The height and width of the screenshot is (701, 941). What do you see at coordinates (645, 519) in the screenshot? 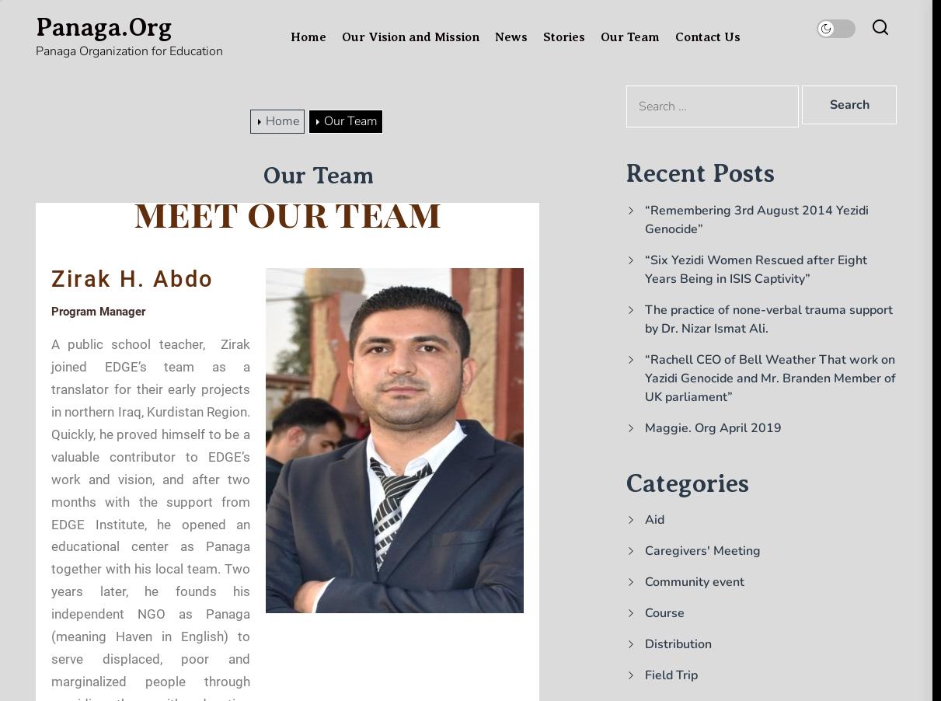
I see `'Aid'` at bounding box center [645, 519].